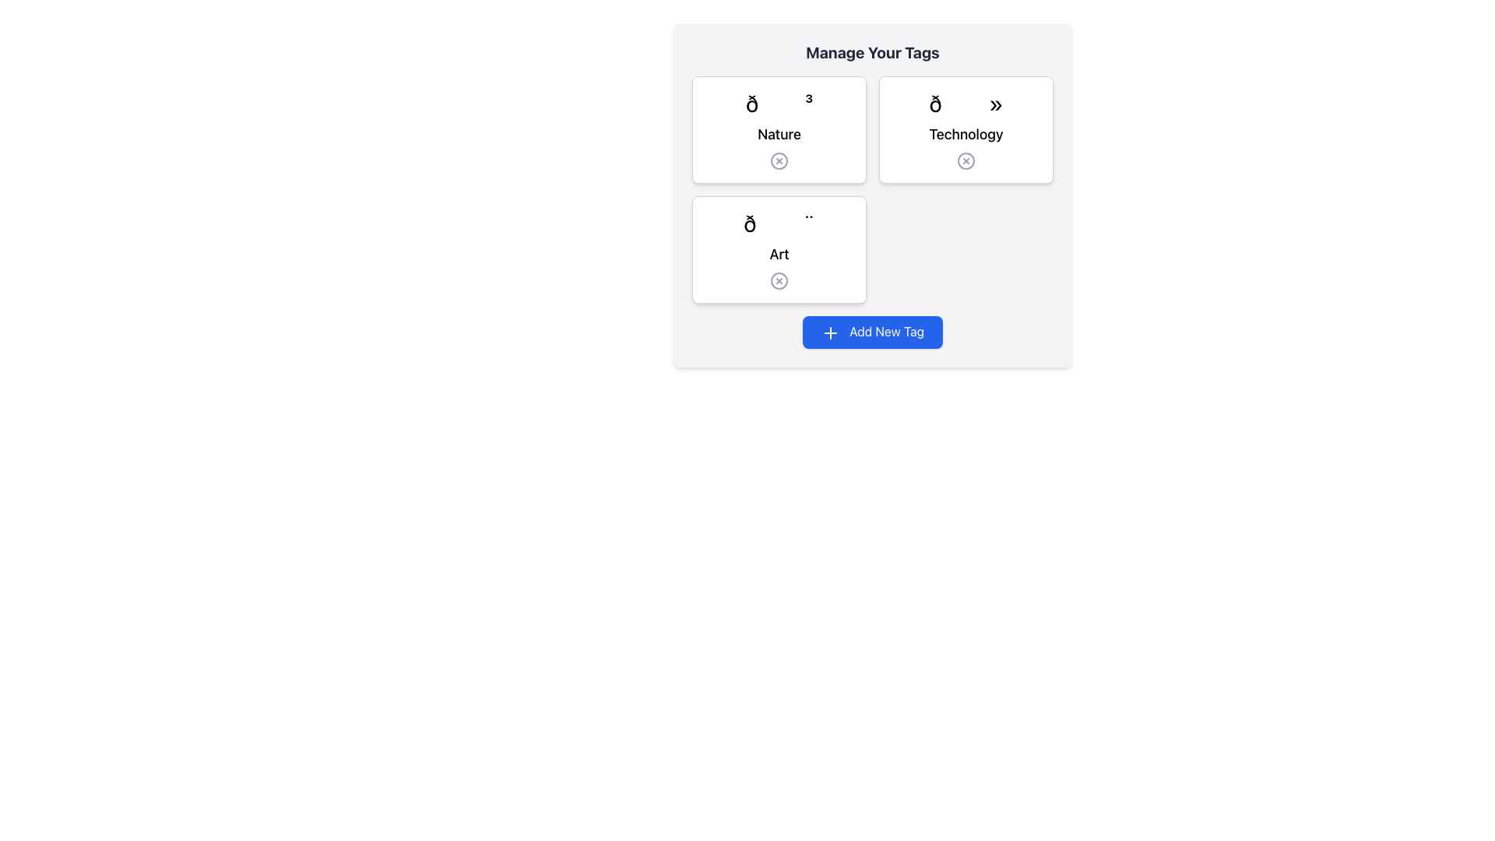 This screenshot has width=1495, height=841. What do you see at coordinates (779, 248) in the screenshot?
I see `on the bottom-left card labeled 'Art' in the 'Manage Your Tags' grid` at bounding box center [779, 248].